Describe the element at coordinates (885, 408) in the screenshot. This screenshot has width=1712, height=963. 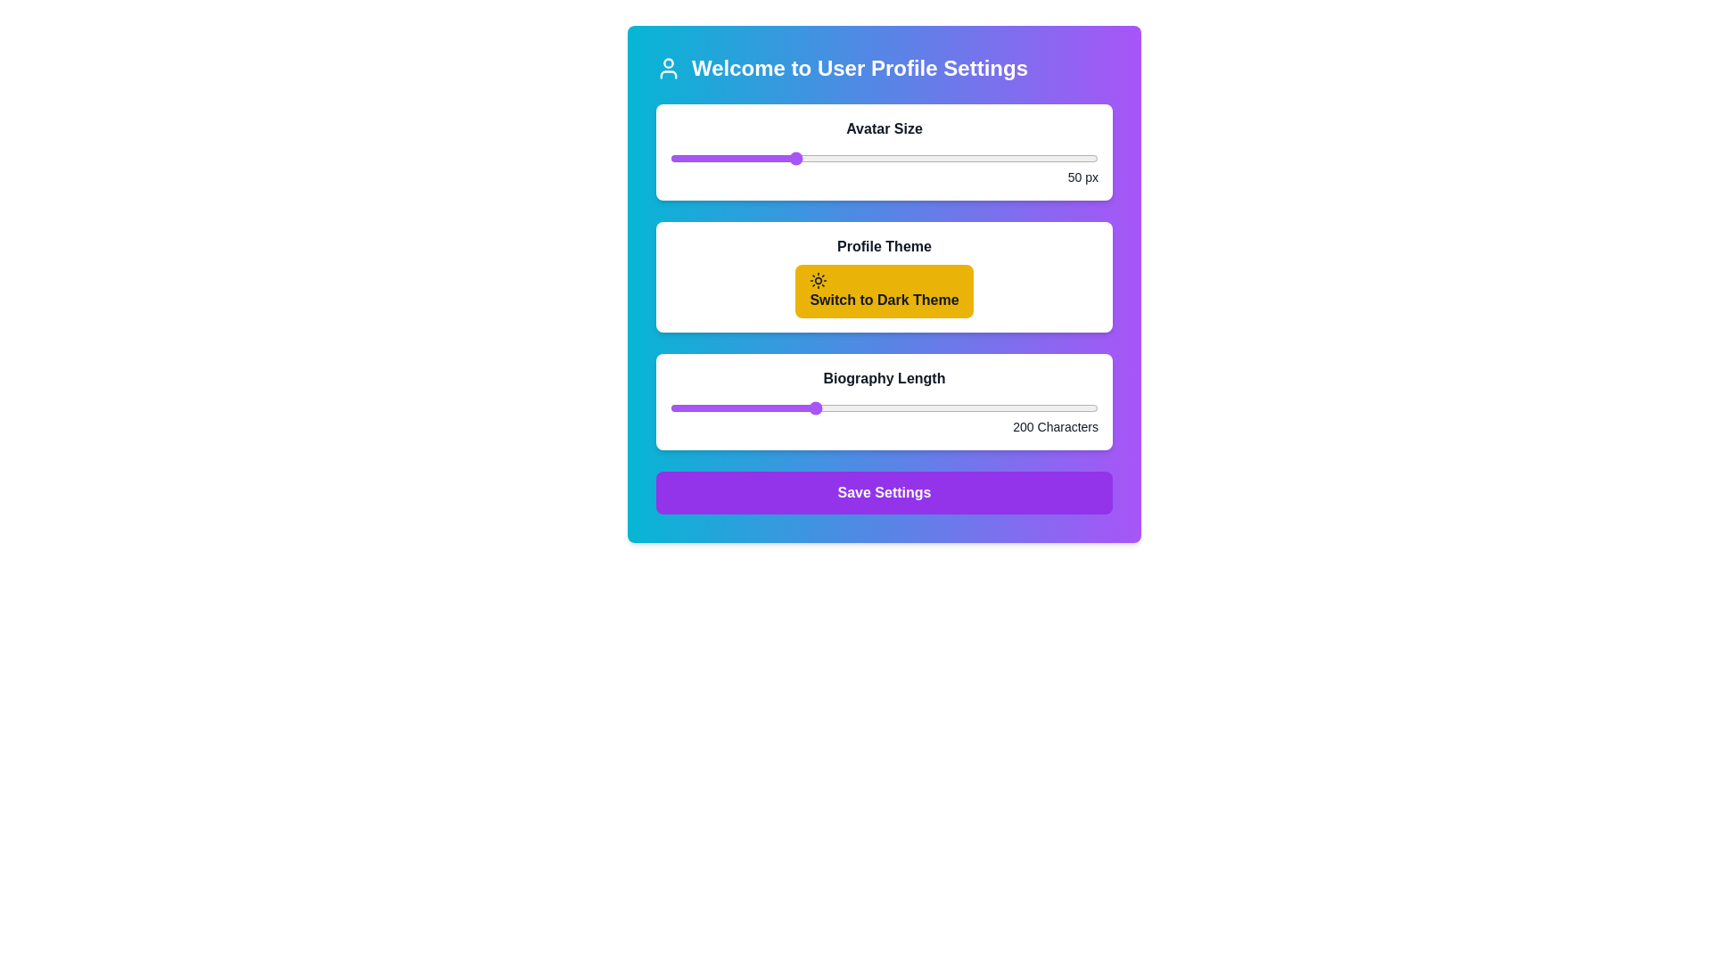
I see `the Range Slider located below the text 'Biography Length' and above '200 Characters'` at that location.